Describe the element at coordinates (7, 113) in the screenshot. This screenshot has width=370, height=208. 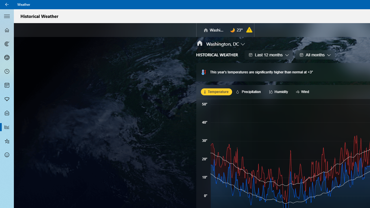
I see `'Life - Not Selected'` at that location.